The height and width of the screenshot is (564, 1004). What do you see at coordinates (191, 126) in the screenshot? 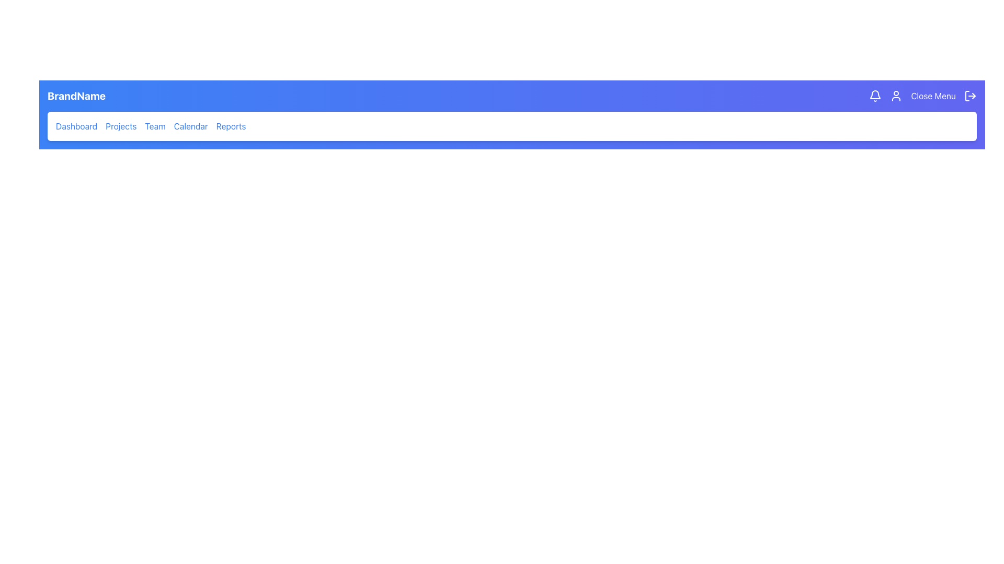
I see `the 'Calendar' link in the horizontal navigation menu to observe a visual style change` at bounding box center [191, 126].